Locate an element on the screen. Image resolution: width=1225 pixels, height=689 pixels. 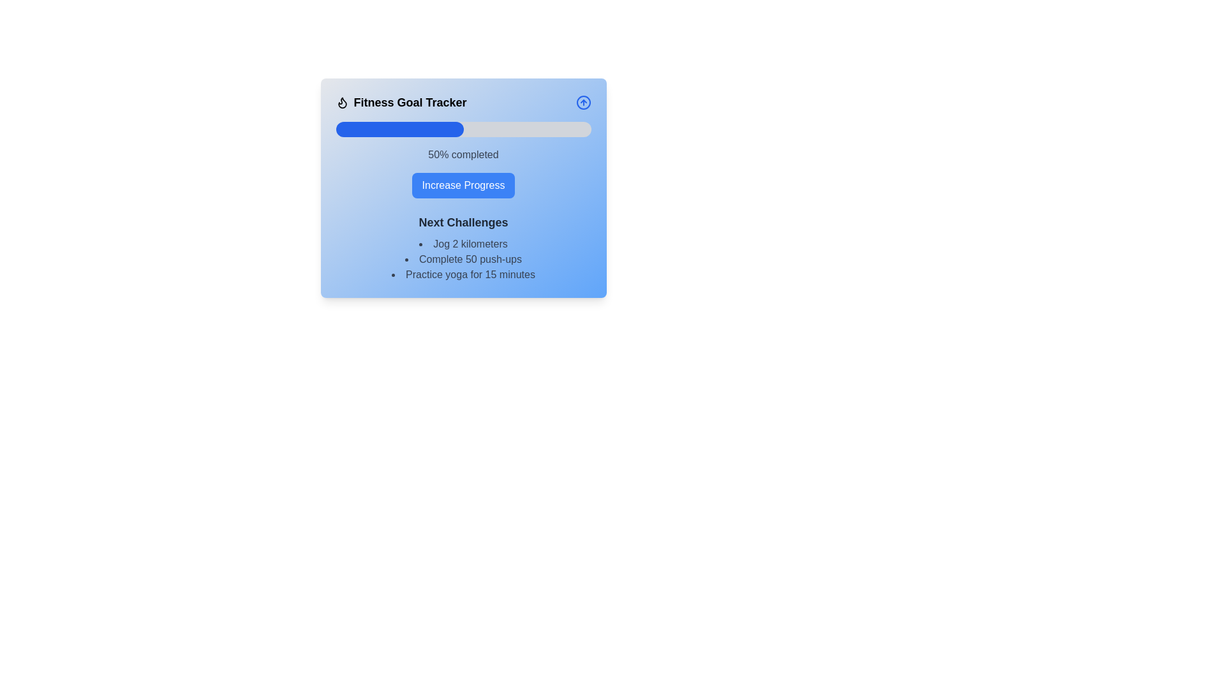
the decorative icon positioned to the left of the 'Fitness Goal Tracker' title in the header section is located at coordinates (342, 102).